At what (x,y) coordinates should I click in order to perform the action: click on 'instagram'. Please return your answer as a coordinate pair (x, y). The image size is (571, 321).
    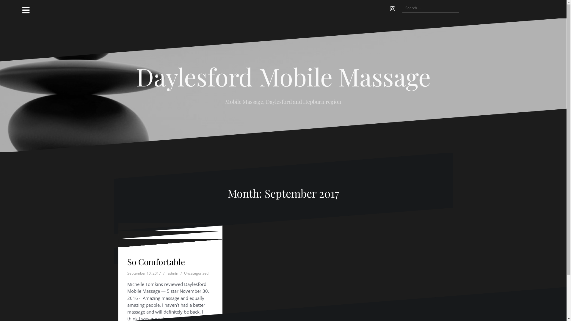
    Looking at the image, I should click on (387, 9).